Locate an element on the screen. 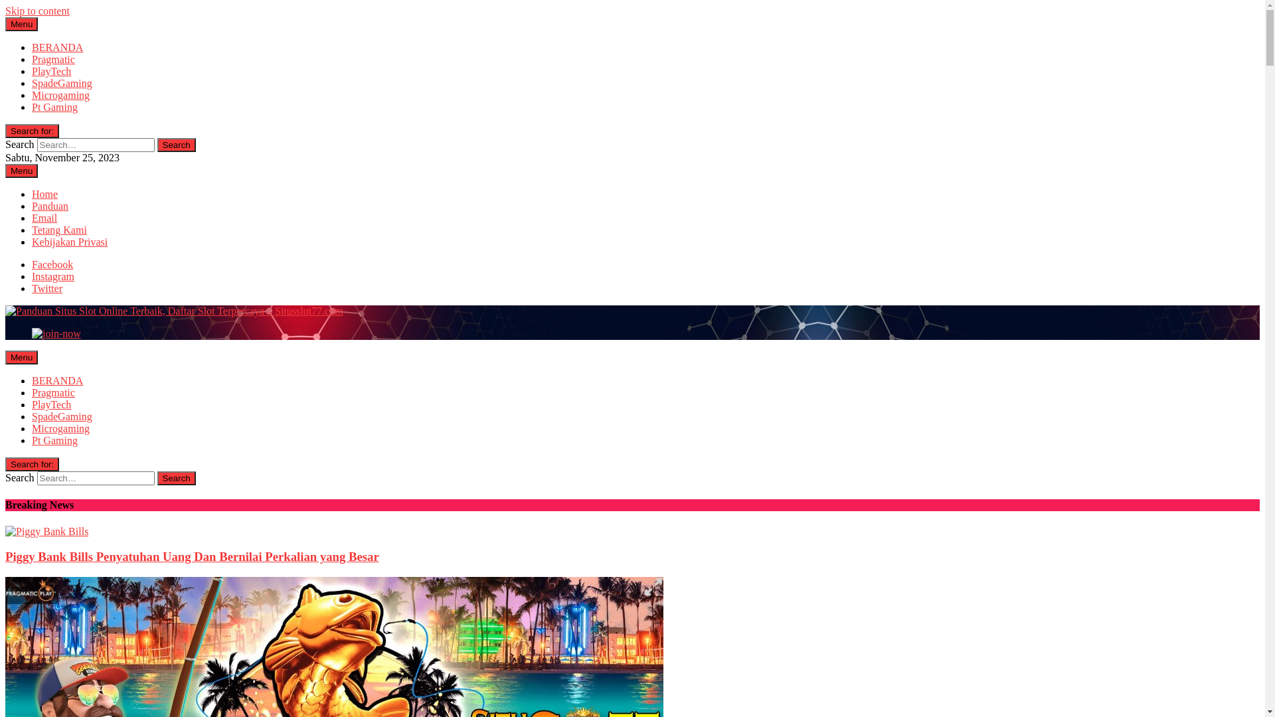  'Microgaming' is located at coordinates (60, 94).